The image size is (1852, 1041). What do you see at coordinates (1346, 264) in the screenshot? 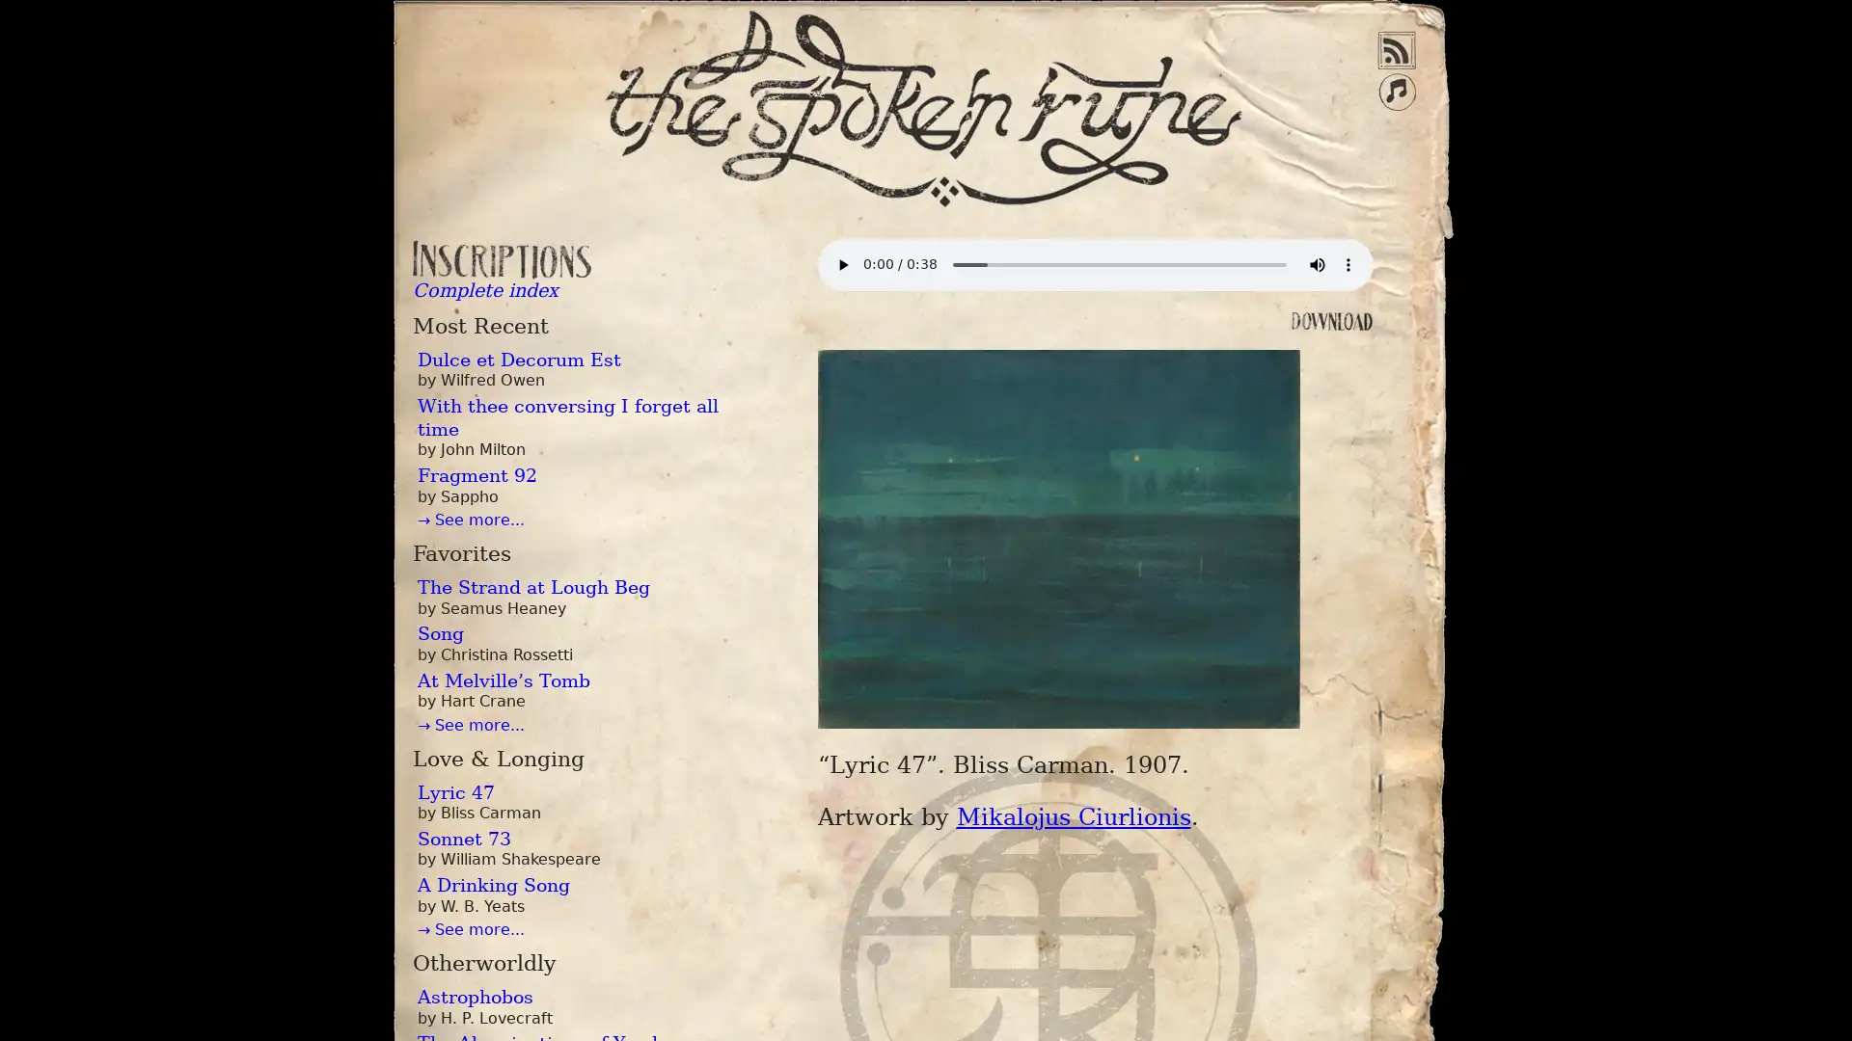
I see `show more media controls` at bounding box center [1346, 264].